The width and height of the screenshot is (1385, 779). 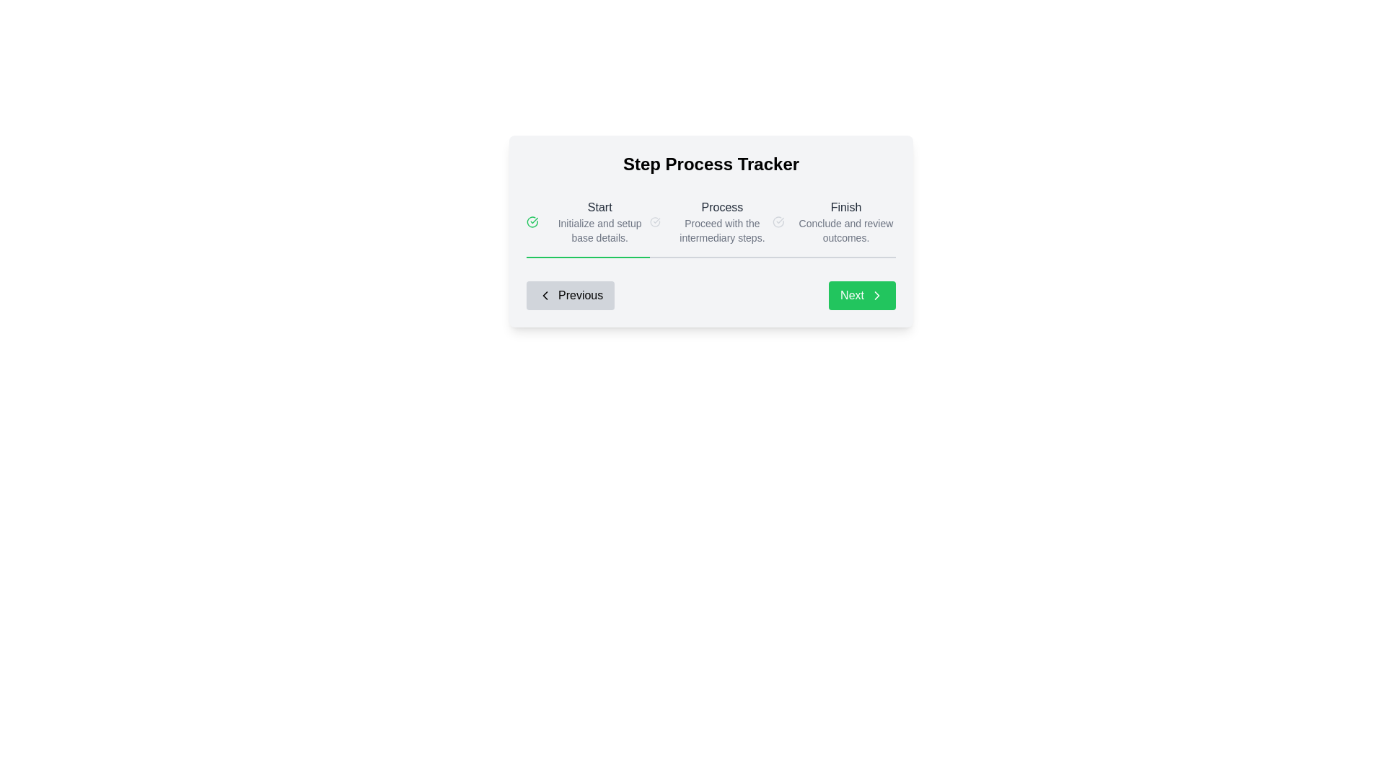 What do you see at coordinates (834, 222) in the screenshot?
I see `the 'Finish' step in the process tracker, which displays static text and a graphical icon, located in the top-right section of the tracker area` at bounding box center [834, 222].